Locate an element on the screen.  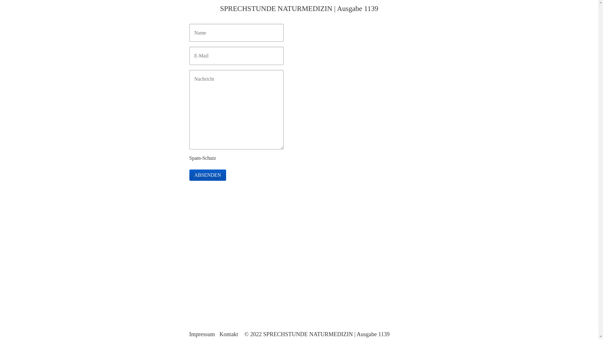
'Absenden' is located at coordinates (207, 175).